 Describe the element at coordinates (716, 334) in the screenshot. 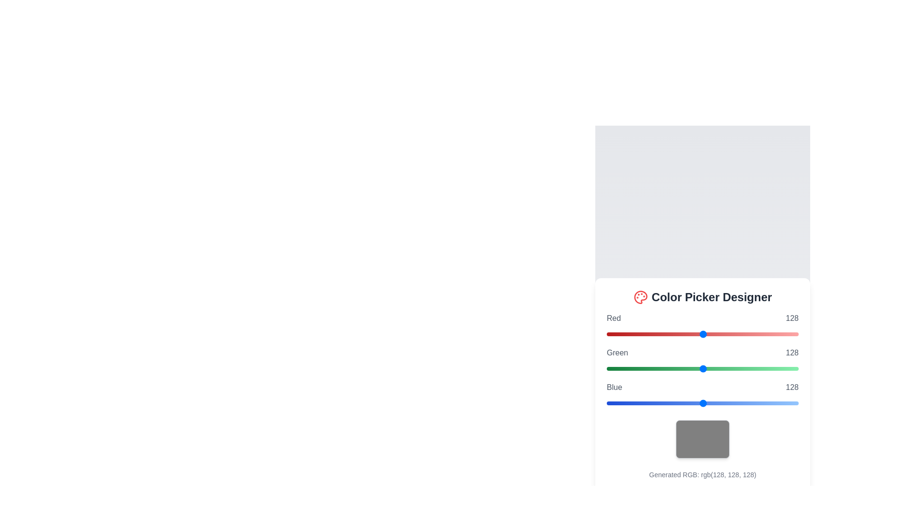

I see `the red color slider to set the value to 145` at that location.